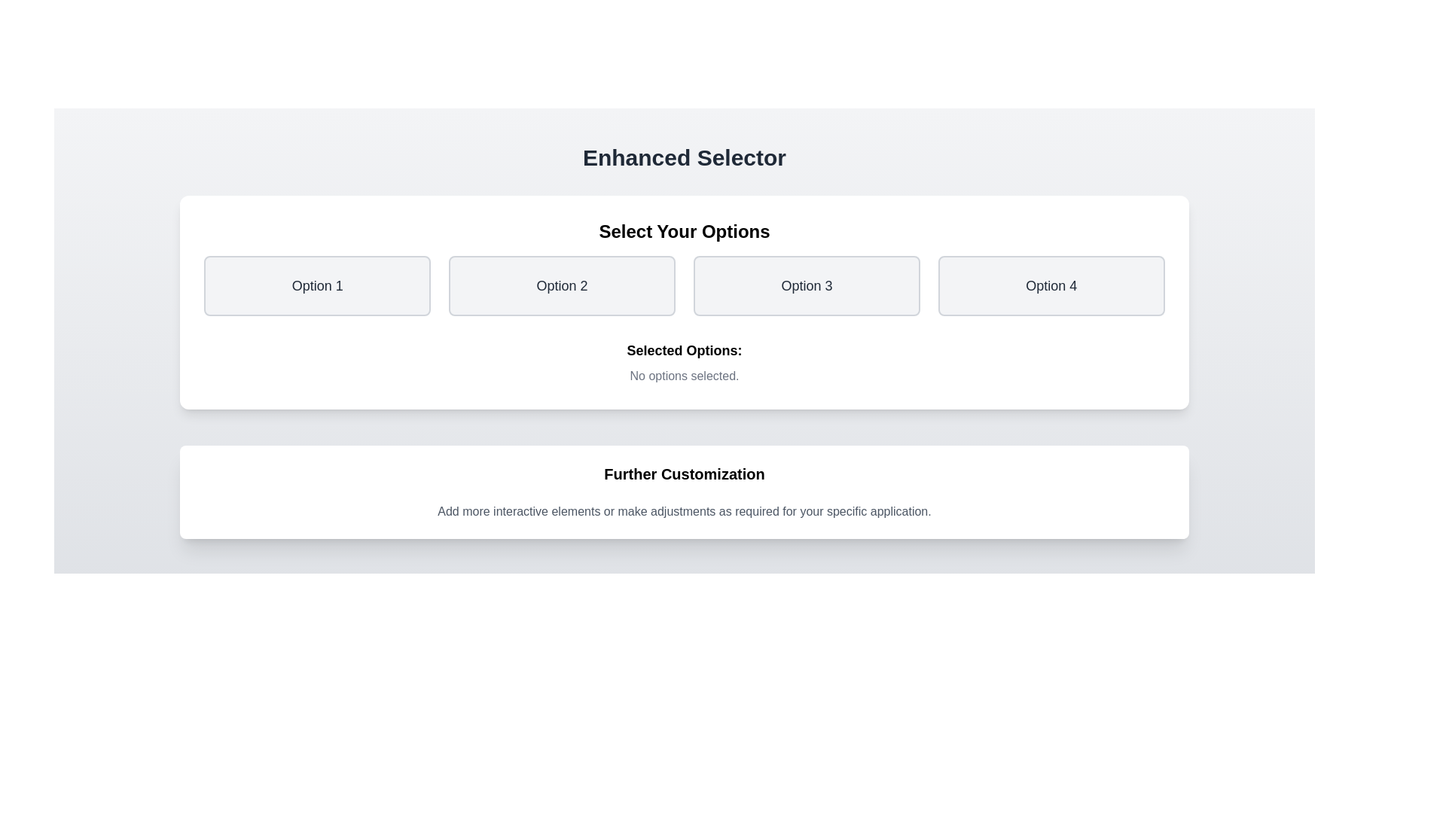 This screenshot has height=813, width=1446. Describe the element at coordinates (683, 492) in the screenshot. I see `the 'Further Customization' section to interact with it` at that location.